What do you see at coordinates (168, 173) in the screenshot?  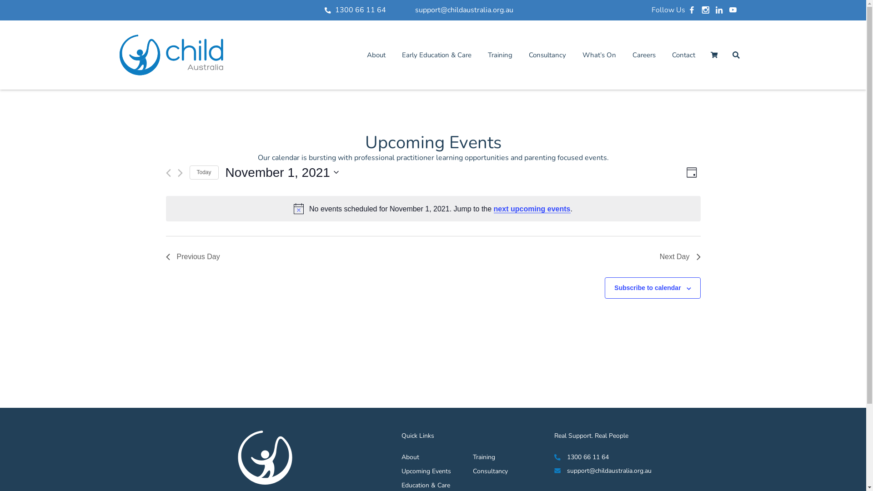 I see `'Previous day'` at bounding box center [168, 173].